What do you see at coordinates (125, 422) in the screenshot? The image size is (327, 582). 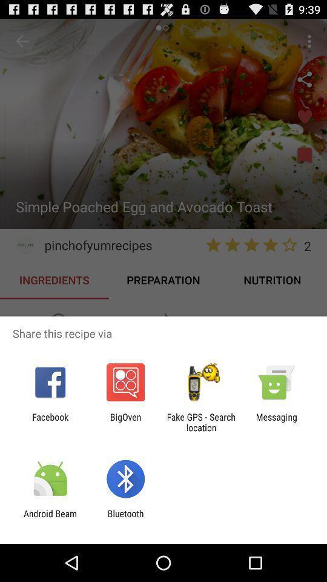 I see `the item next to the fake gps search icon` at bounding box center [125, 422].